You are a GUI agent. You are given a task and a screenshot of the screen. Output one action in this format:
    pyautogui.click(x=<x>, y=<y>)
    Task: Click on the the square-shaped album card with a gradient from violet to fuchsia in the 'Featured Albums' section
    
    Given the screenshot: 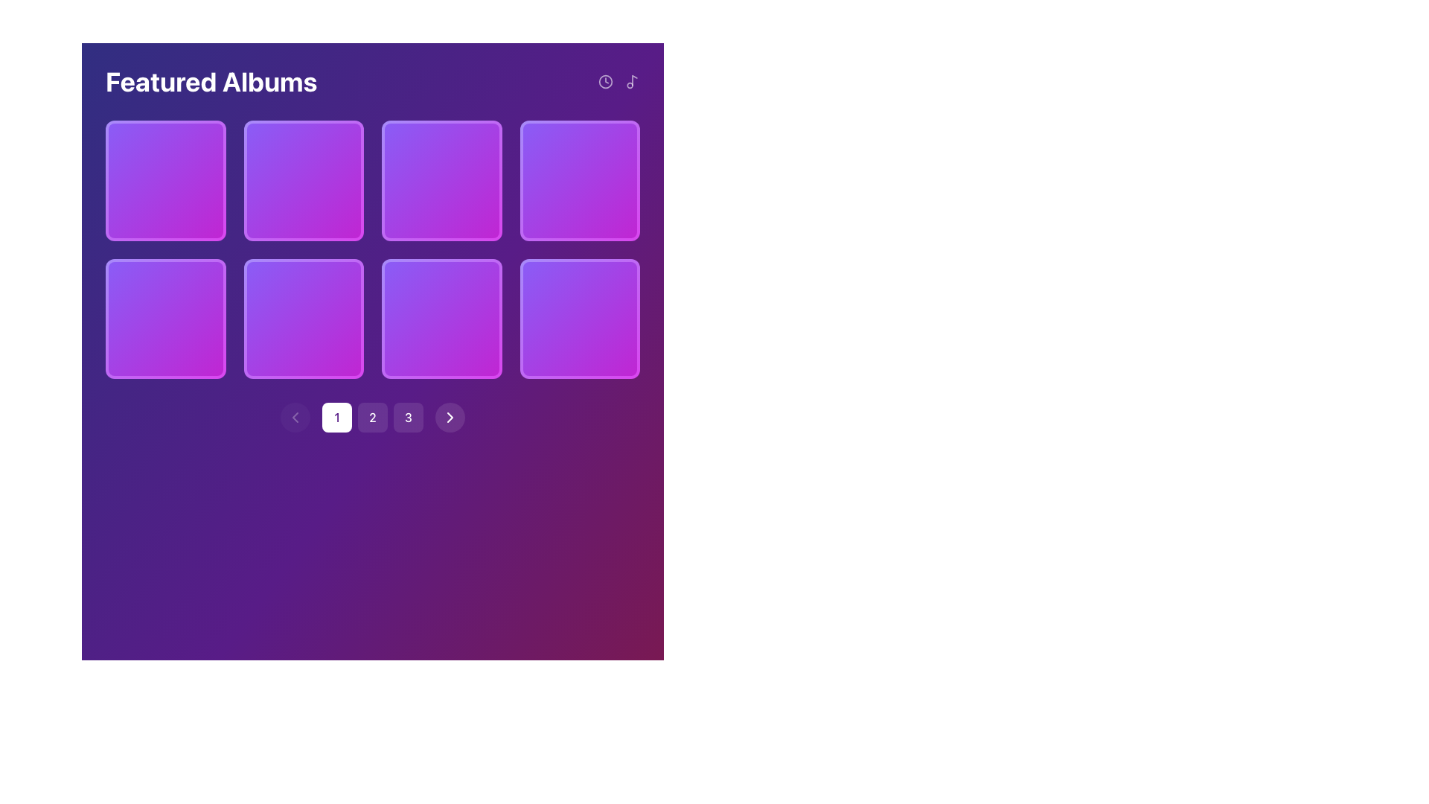 What is the action you would take?
    pyautogui.click(x=579, y=179)
    